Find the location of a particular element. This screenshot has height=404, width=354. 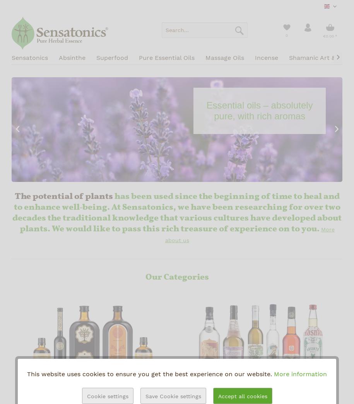

'Save Cookie settings' is located at coordinates (173, 396).